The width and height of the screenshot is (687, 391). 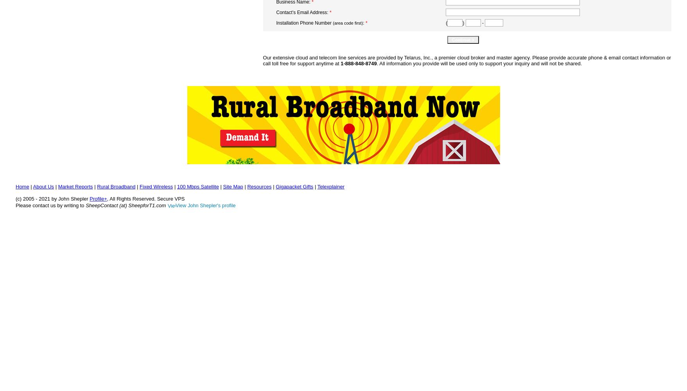 What do you see at coordinates (294, 186) in the screenshot?
I see `'Gigapacket Gifts'` at bounding box center [294, 186].